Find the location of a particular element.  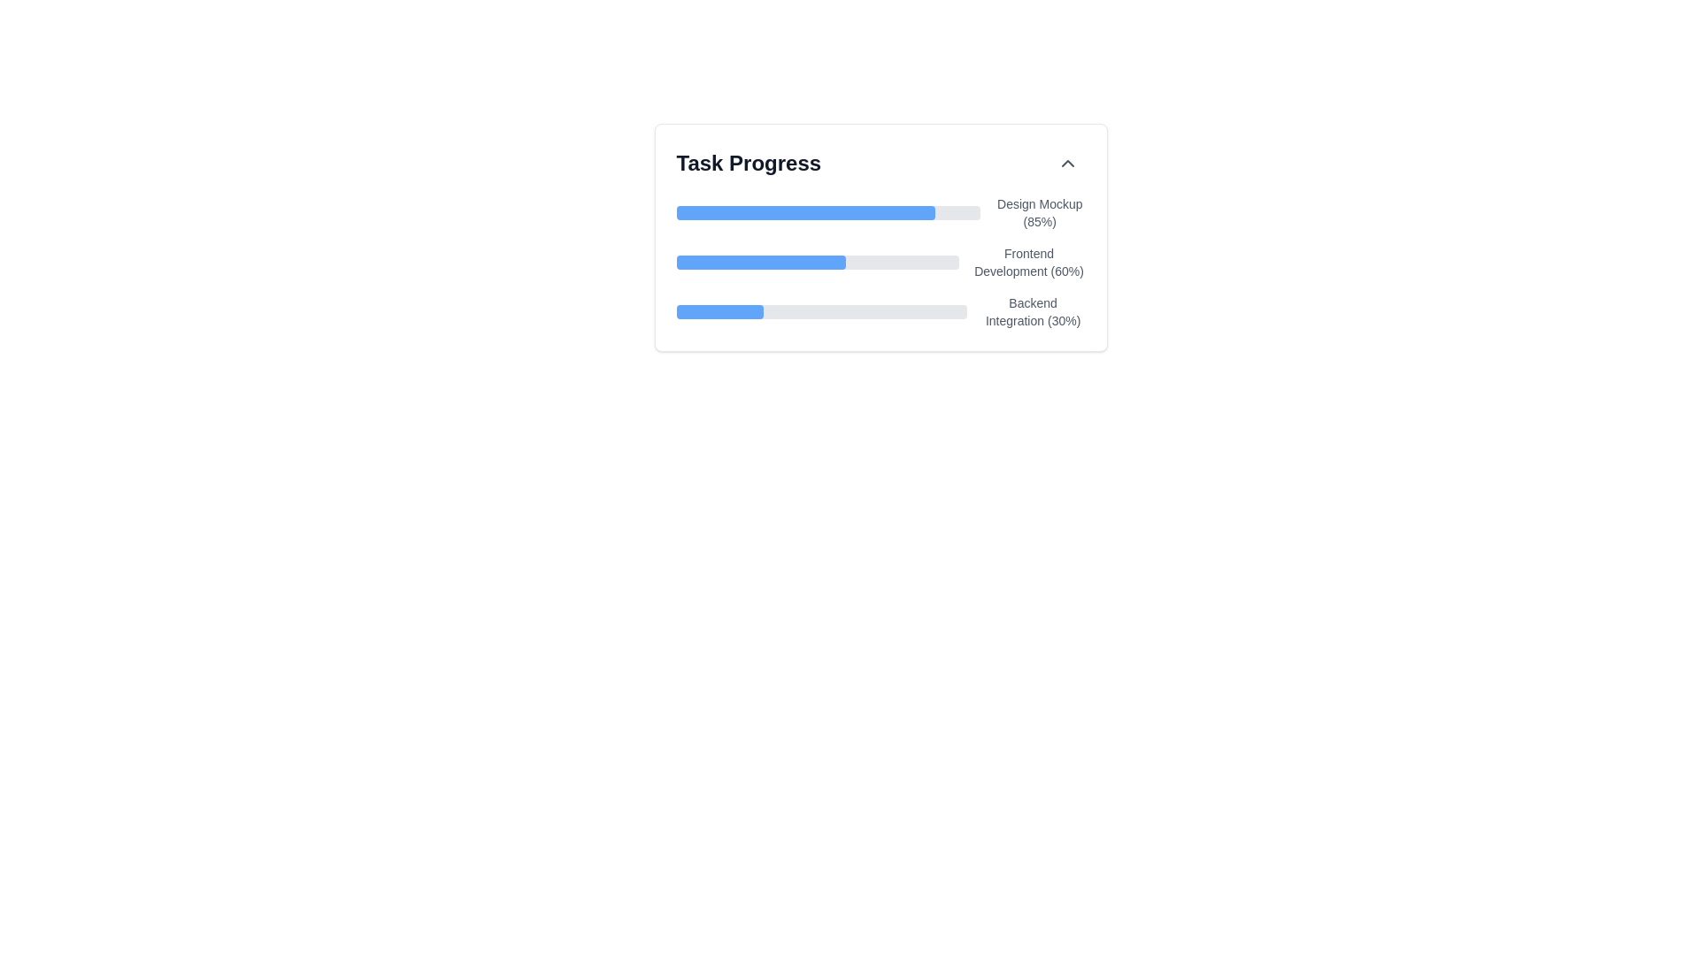

the progress bar representing 'Frontend Development (60%)', which is the second progress indicator in the list, located between 'Design Mockup (85%)' above and 'Backend Integration (30%)' below is located at coordinates (817, 263).